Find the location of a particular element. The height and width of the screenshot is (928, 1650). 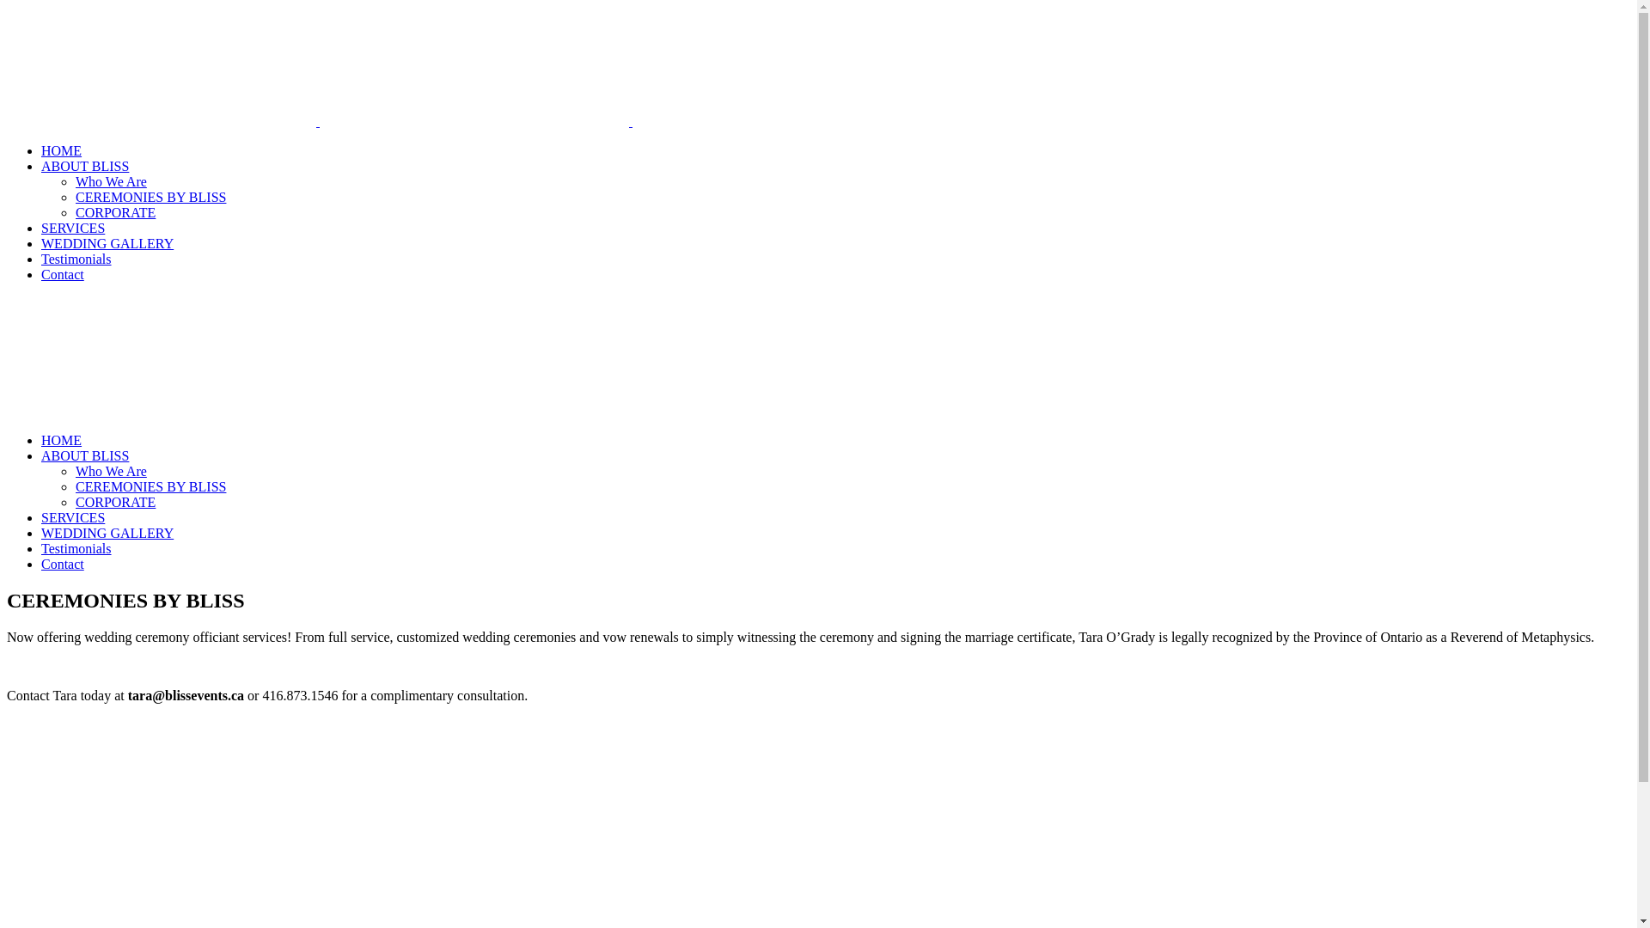

'ABOUT BLISS' is located at coordinates (84, 166).